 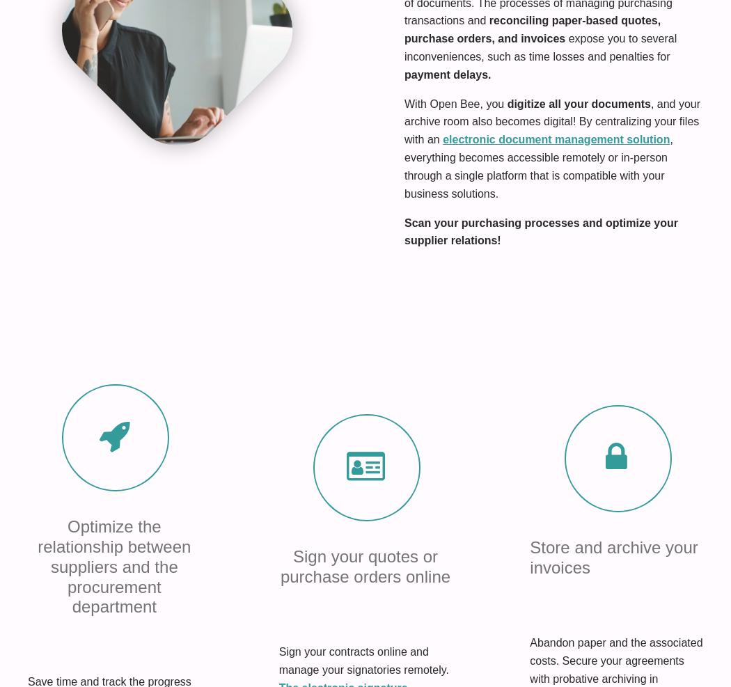 What do you see at coordinates (647, 486) in the screenshot?
I see `'Become a partner'` at bounding box center [647, 486].